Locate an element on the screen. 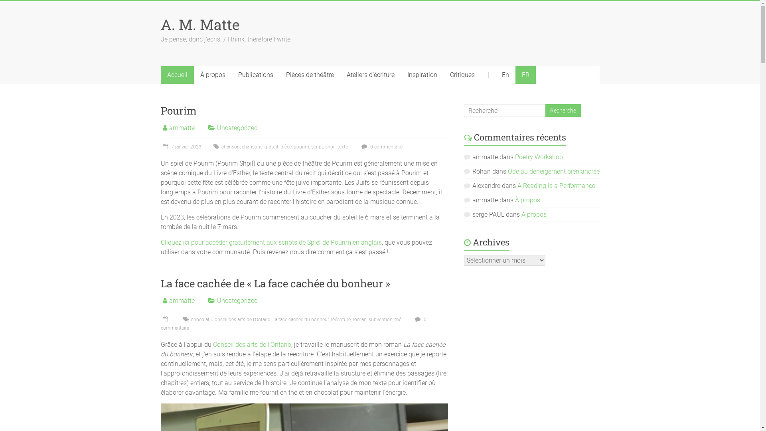  '|' is located at coordinates (488, 75).